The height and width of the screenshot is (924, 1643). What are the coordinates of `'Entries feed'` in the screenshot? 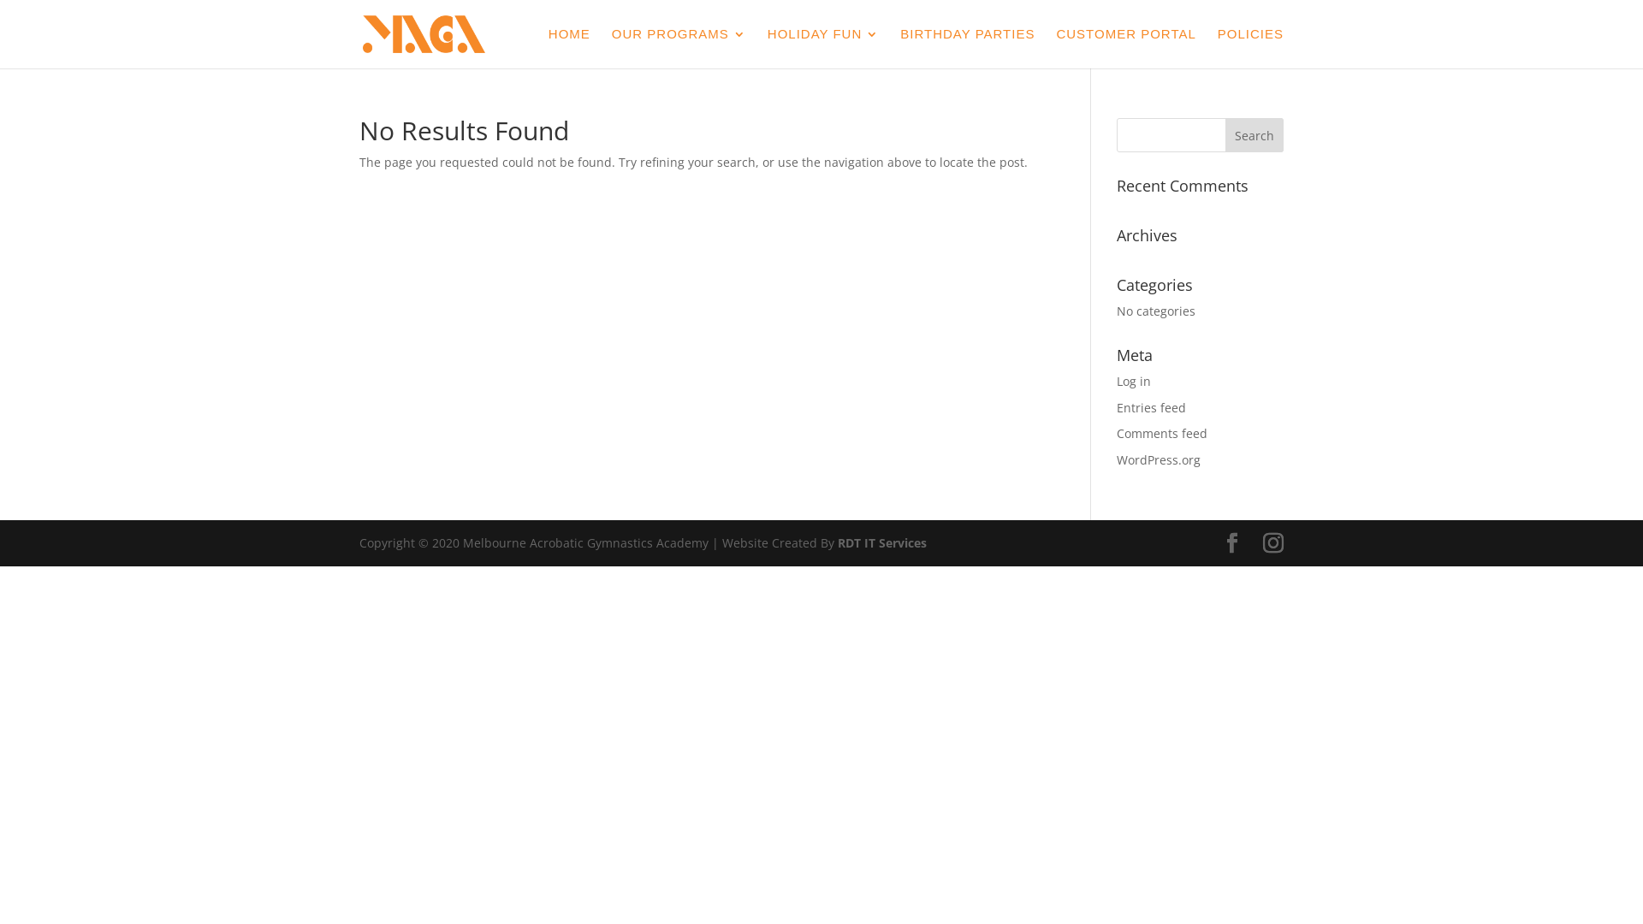 It's located at (1151, 407).